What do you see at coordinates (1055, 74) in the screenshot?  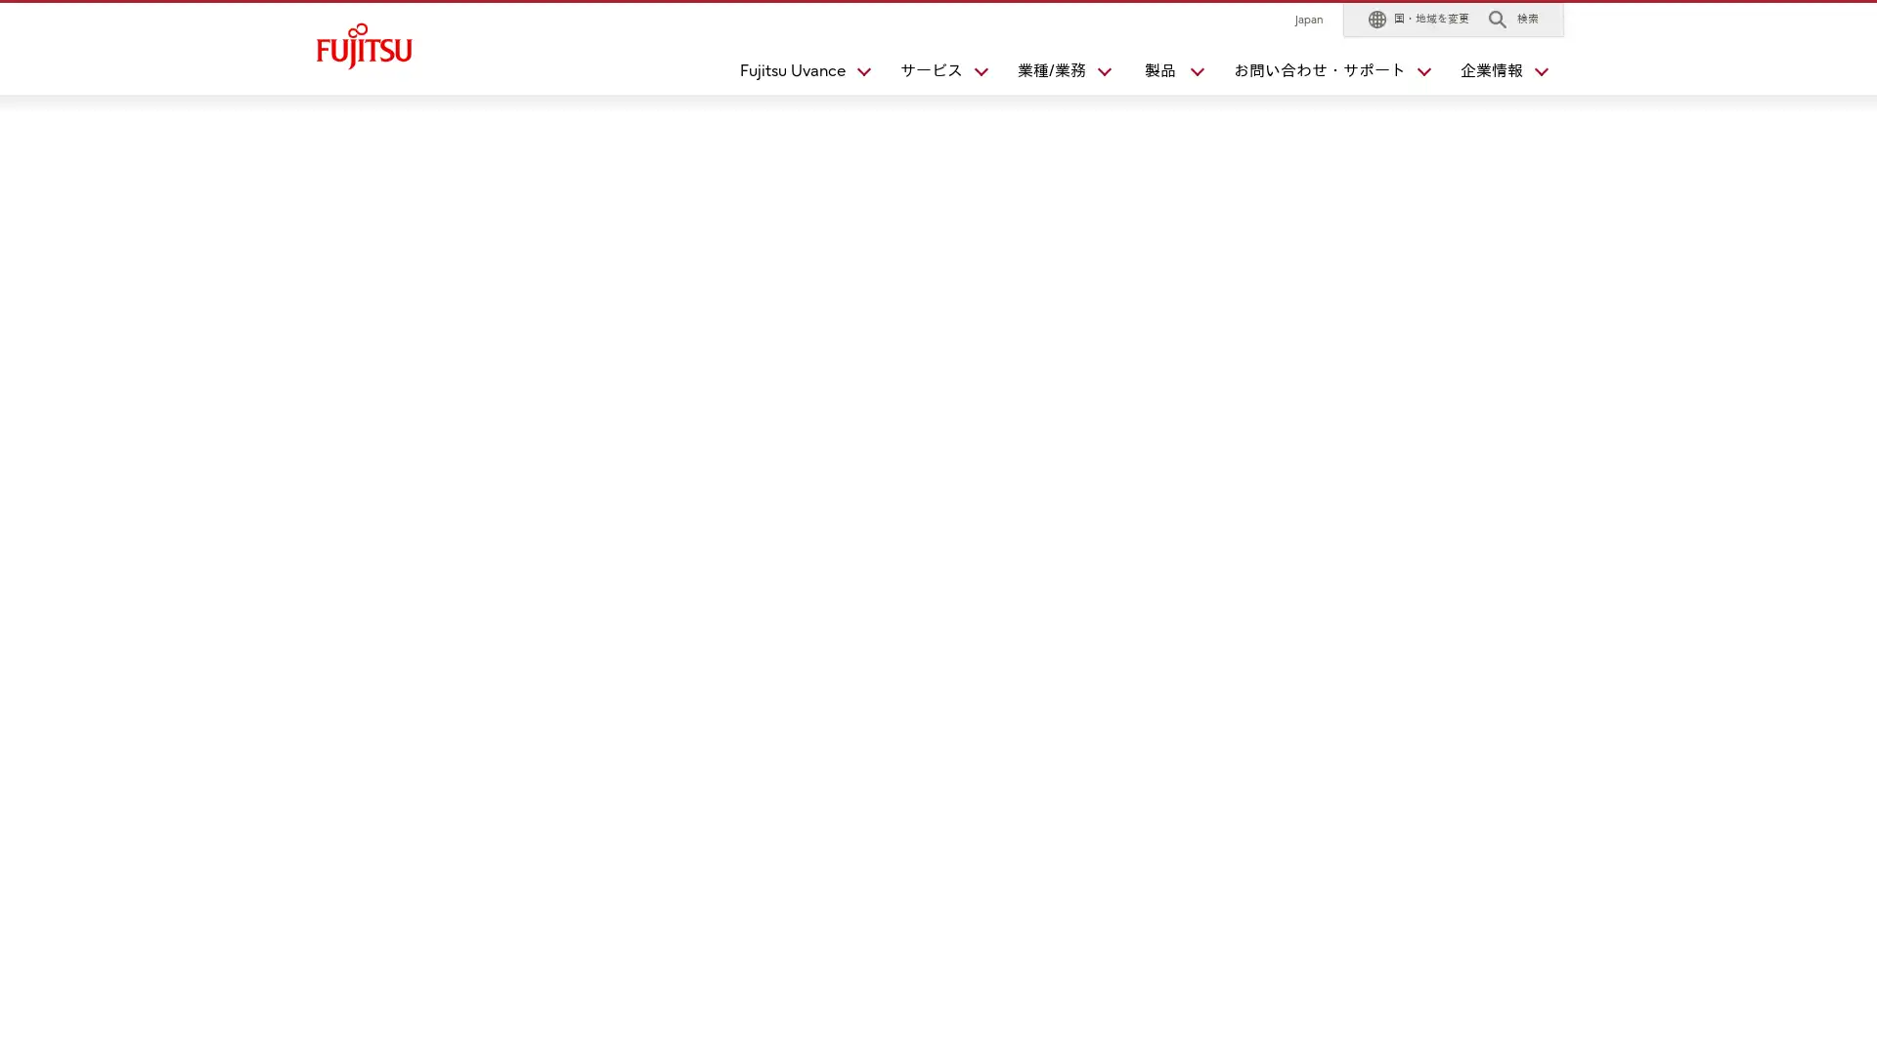 I see `/` at bounding box center [1055, 74].